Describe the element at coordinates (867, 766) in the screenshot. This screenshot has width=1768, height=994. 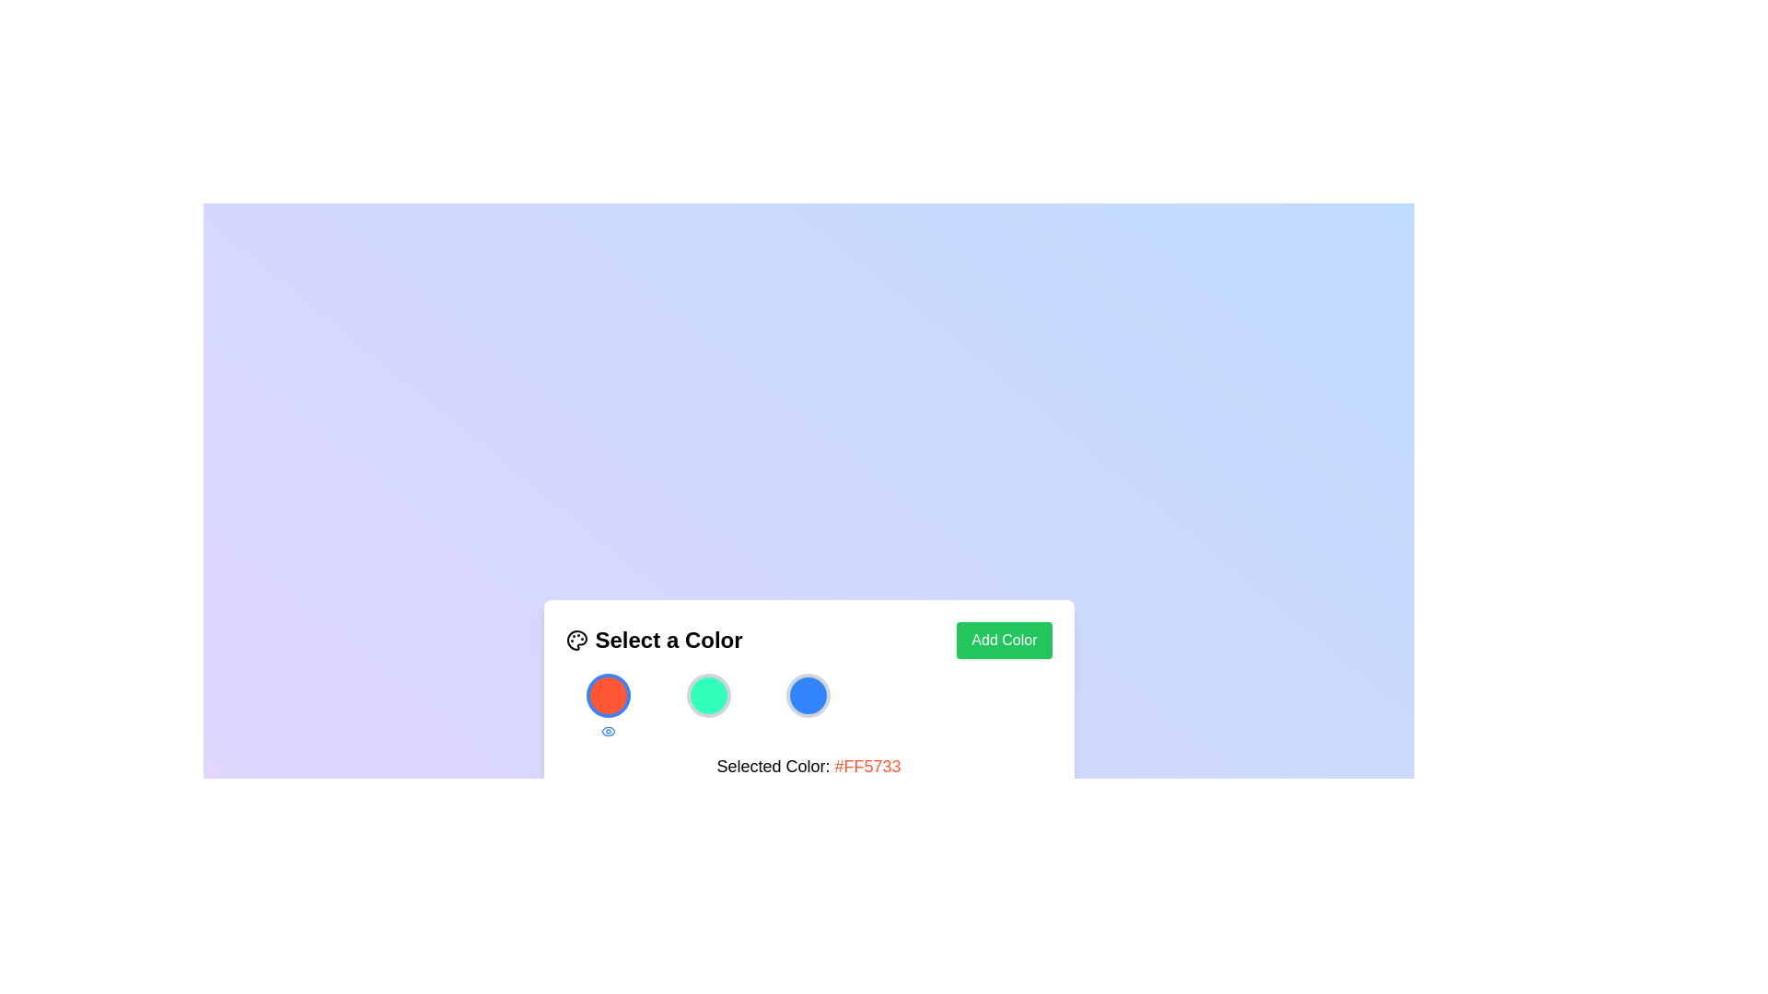
I see `the text displaying the value '#FF5733' styled in red, which is located in the text segment labeled 'Selected Color:'` at that location.